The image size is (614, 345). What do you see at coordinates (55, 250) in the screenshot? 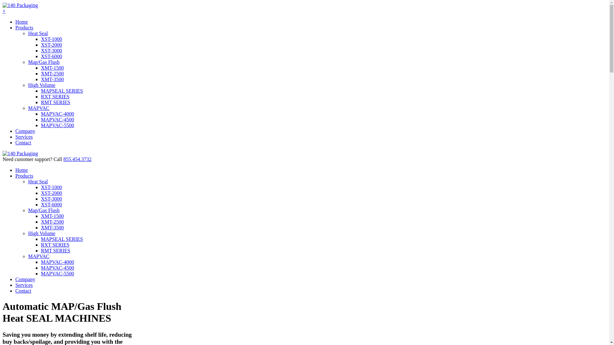
I see `'RMT SERIES'` at bounding box center [55, 250].